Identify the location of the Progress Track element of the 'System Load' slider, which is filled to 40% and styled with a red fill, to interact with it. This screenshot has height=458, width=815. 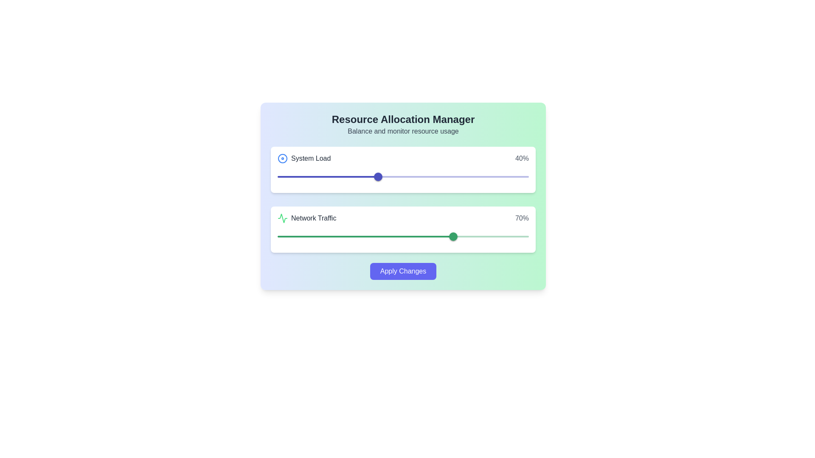
(327, 176).